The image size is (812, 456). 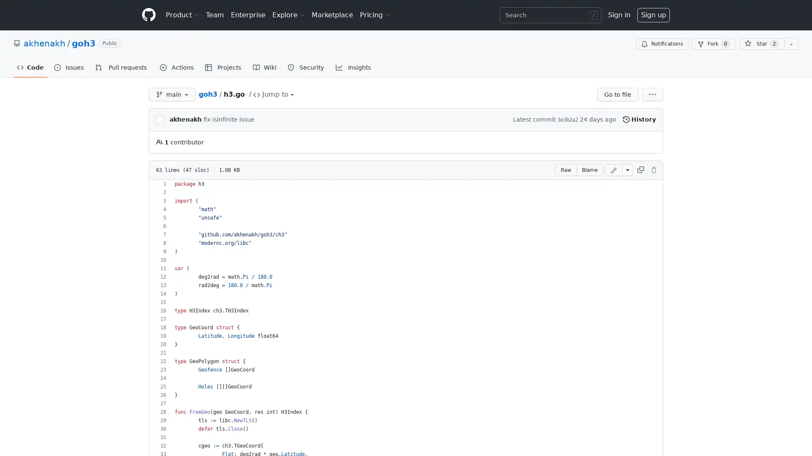 I want to click on You must be signed in to add this repository to a list, so click(x=791, y=44).